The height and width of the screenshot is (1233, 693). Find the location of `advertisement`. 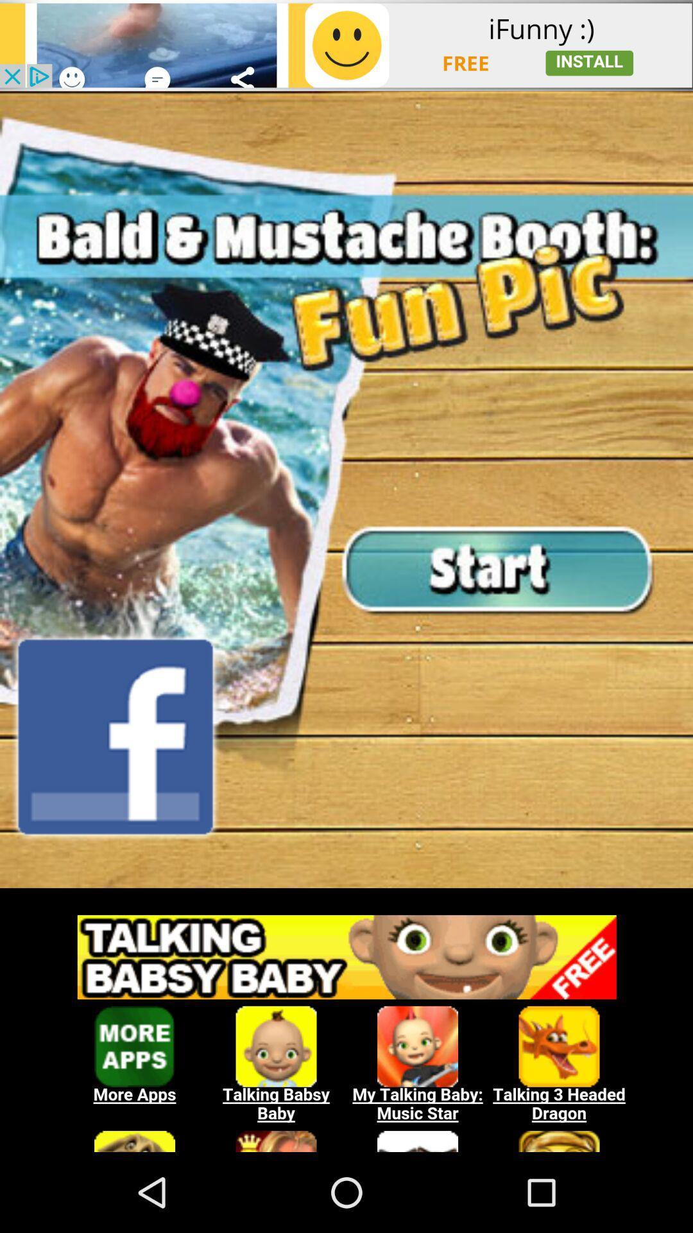

advertisement is located at coordinates (346, 45).